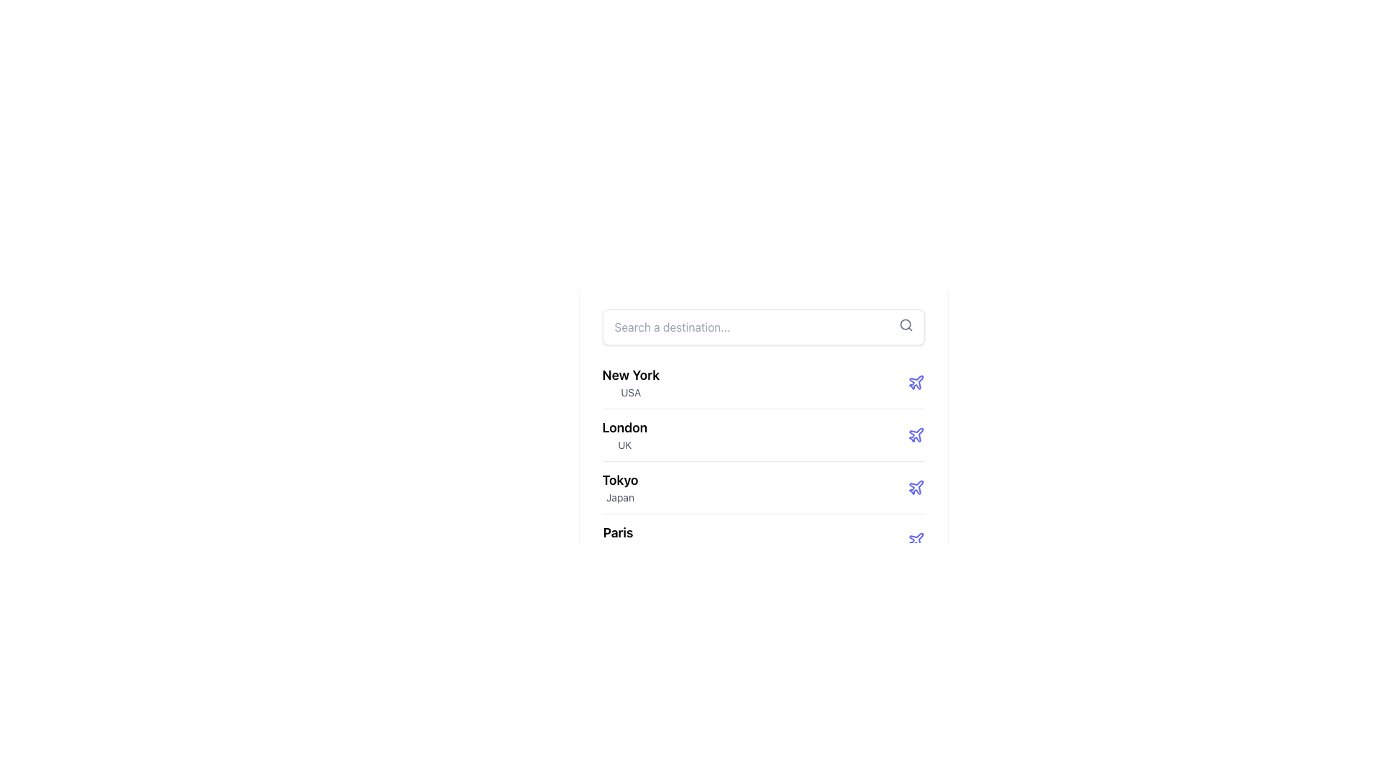 This screenshot has width=1381, height=777. Describe the element at coordinates (762, 434) in the screenshot. I see `the second item in the list of destinations` at that location.